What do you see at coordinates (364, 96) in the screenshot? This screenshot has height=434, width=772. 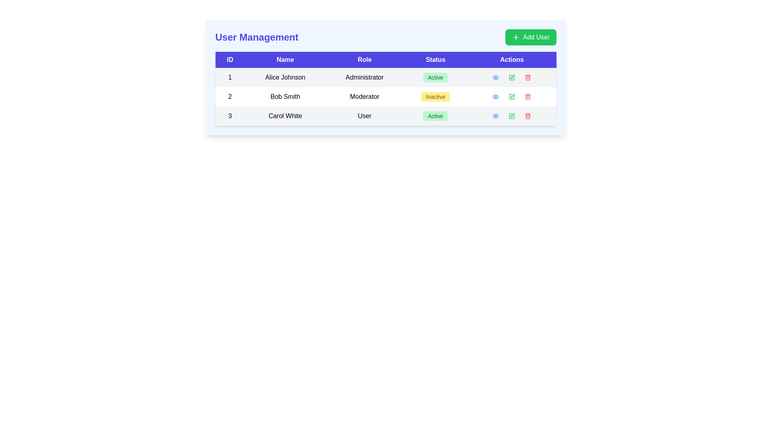 I see `the 'Moderator' text label in the second row of the data table under the 'Role' header` at bounding box center [364, 96].